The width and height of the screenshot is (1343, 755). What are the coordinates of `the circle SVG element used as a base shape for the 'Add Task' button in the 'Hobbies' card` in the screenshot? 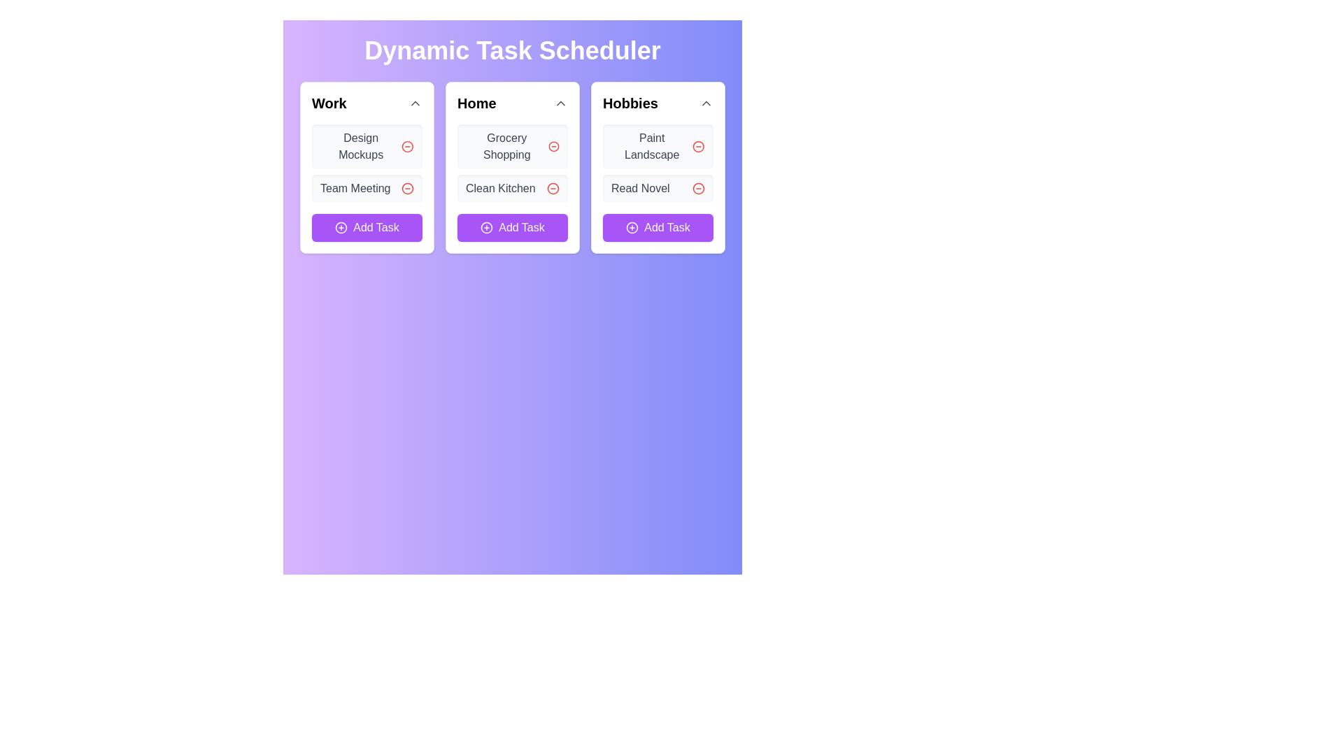 It's located at (632, 227).